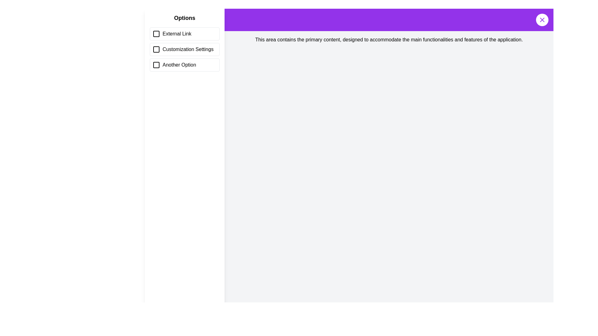 This screenshot has height=336, width=598. What do you see at coordinates (184, 17) in the screenshot?
I see `the 'Options' text label located at the top of the left-side menu panel, which is bold and larger in font, directly above the menu options` at bounding box center [184, 17].